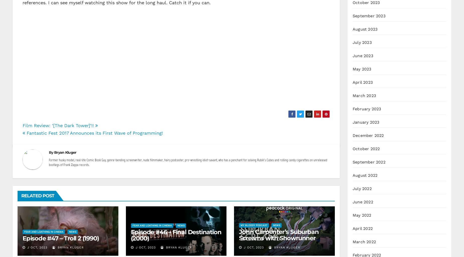  I want to click on 'February 2023', so click(367, 109).